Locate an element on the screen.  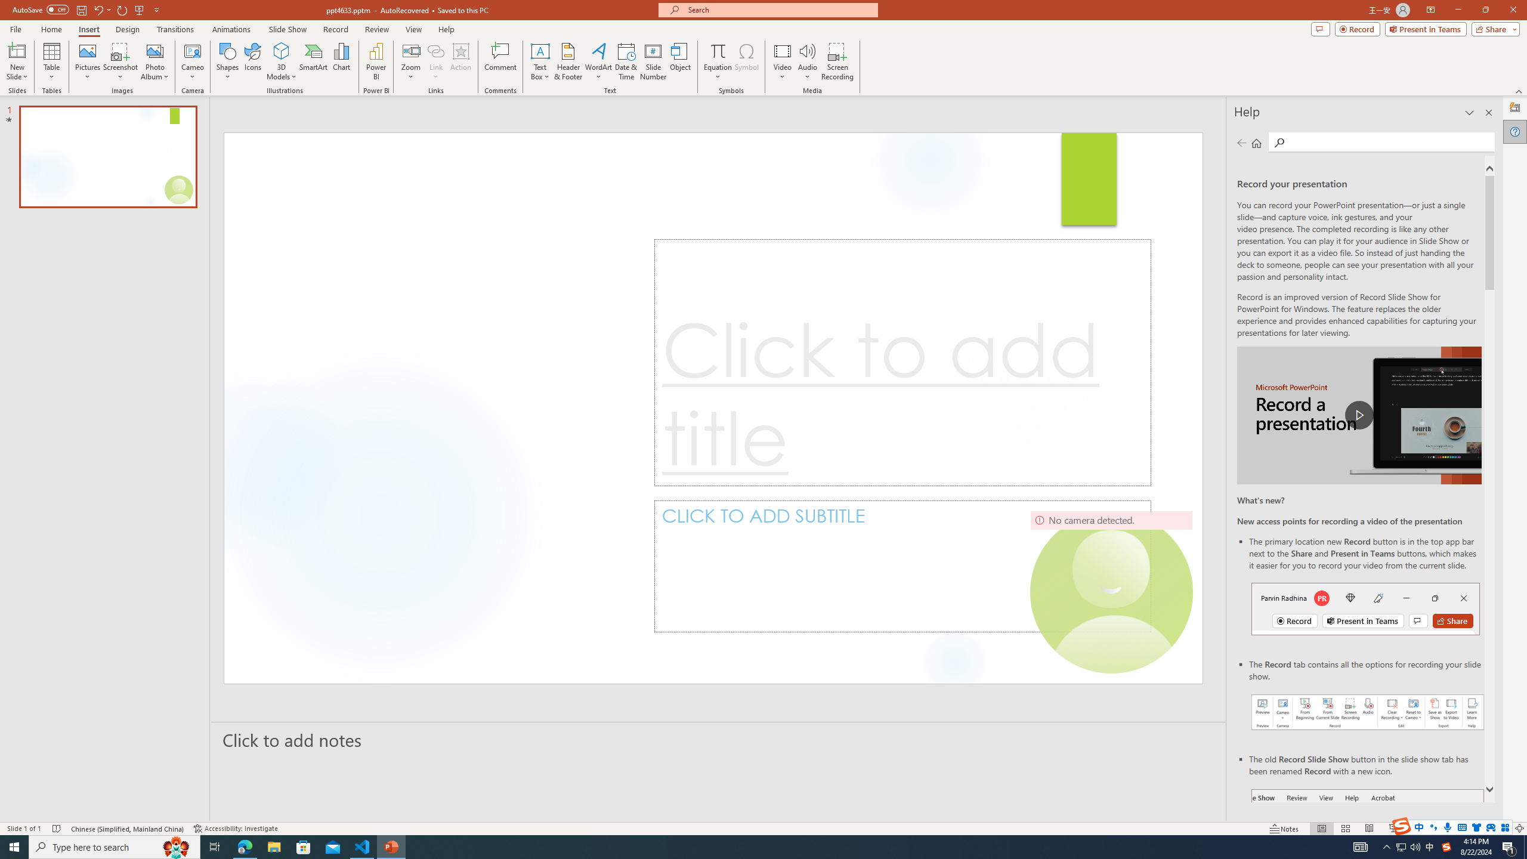
'Object...' is located at coordinates (681, 61).